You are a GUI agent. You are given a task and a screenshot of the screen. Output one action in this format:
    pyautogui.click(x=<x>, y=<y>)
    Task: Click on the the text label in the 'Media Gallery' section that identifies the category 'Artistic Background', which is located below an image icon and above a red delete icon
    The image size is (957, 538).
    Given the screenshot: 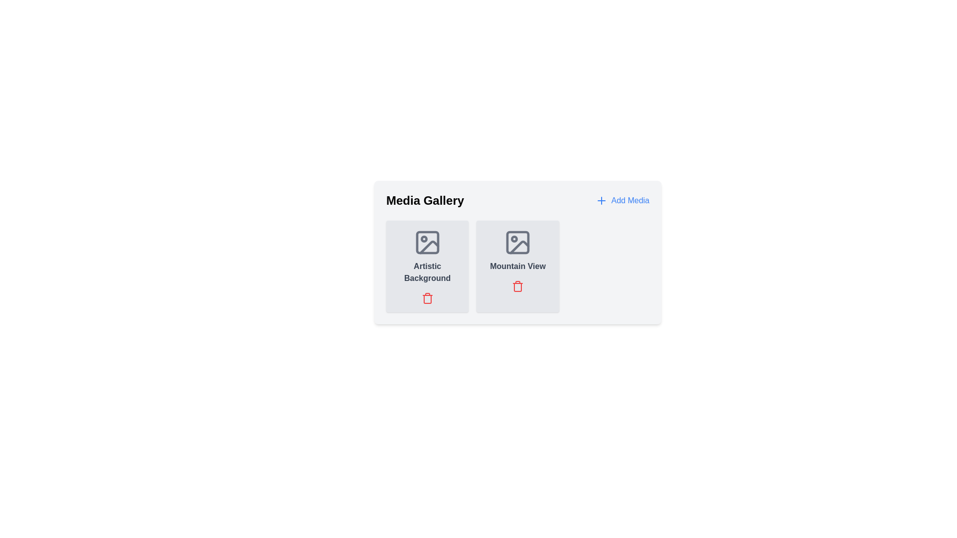 What is the action you would take?
    pyautogui.click(x=427, y=272)
    